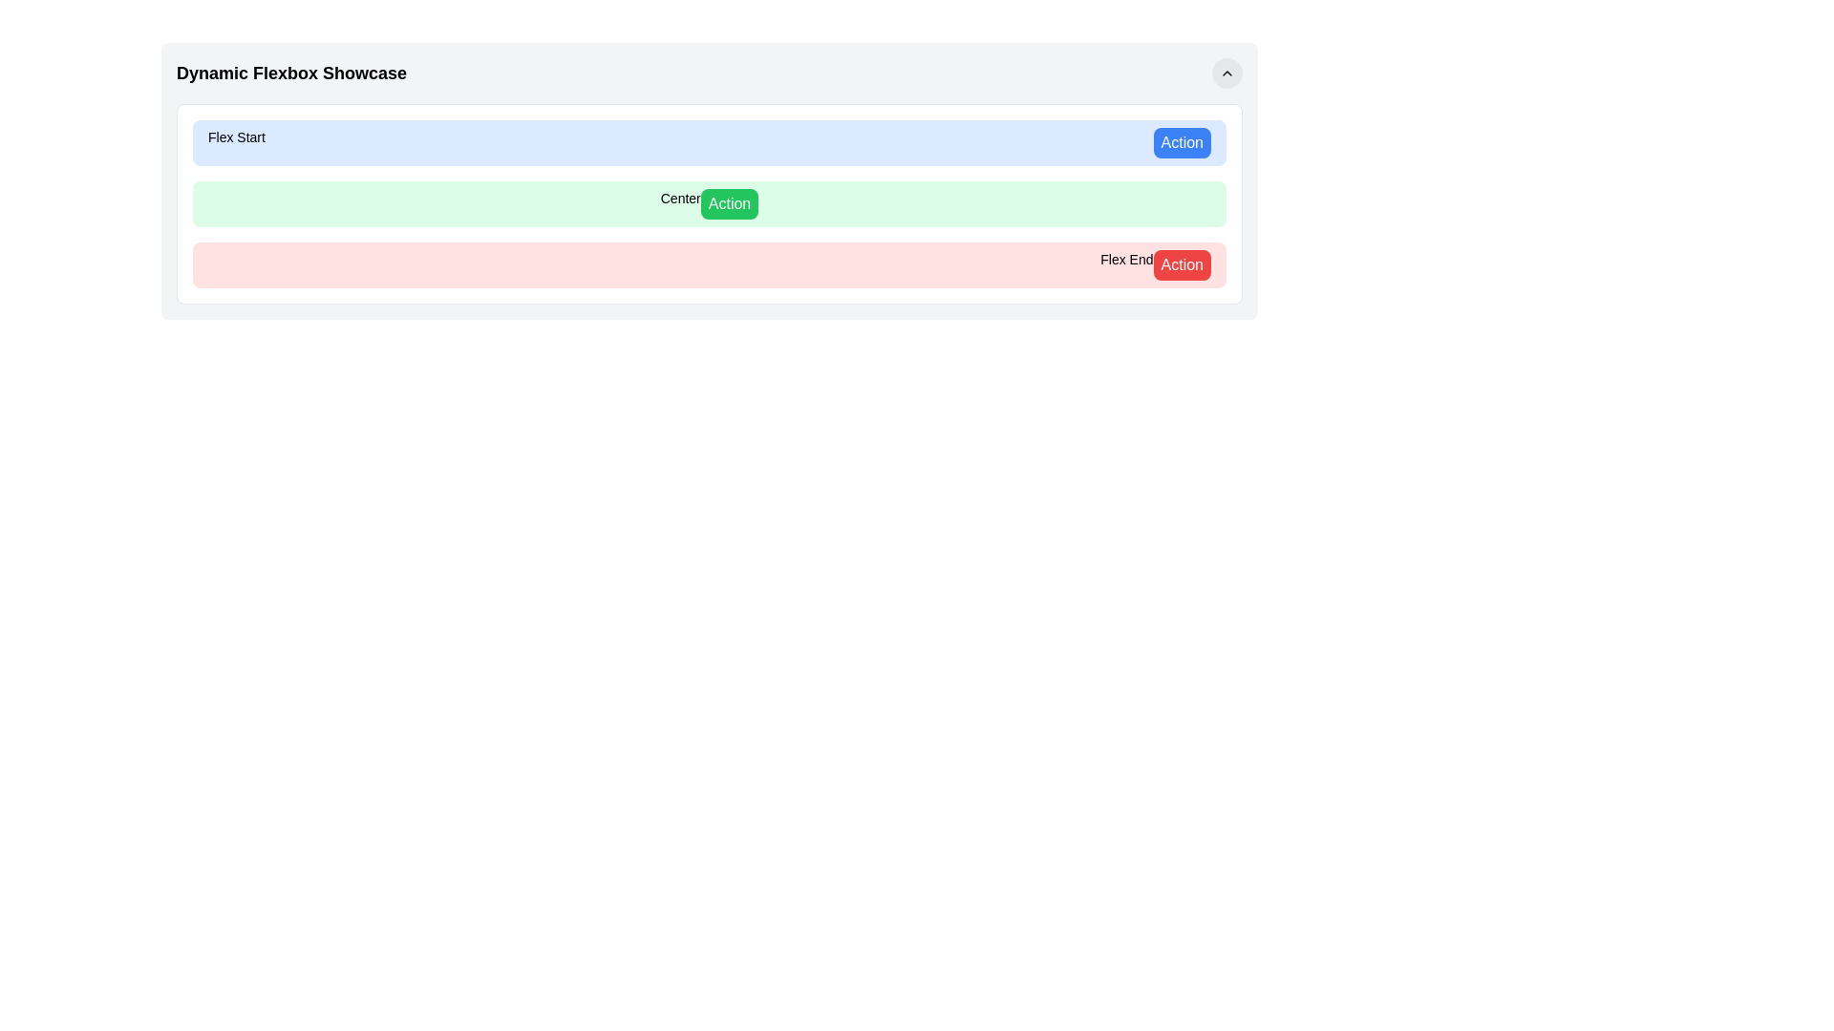 This screenshot has width=1834, height=1031. I want to click on the bold, large-sized text label that reads 'Dynamic Flexbox Showcase', which is styled with a semibold font weight and is located at the top-left section of the interface, so click(290, 73).